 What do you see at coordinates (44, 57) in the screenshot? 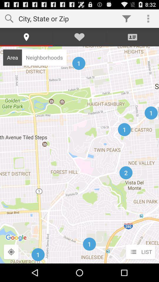
I see `the neighborhoods item` at bounding box center [44, 57].